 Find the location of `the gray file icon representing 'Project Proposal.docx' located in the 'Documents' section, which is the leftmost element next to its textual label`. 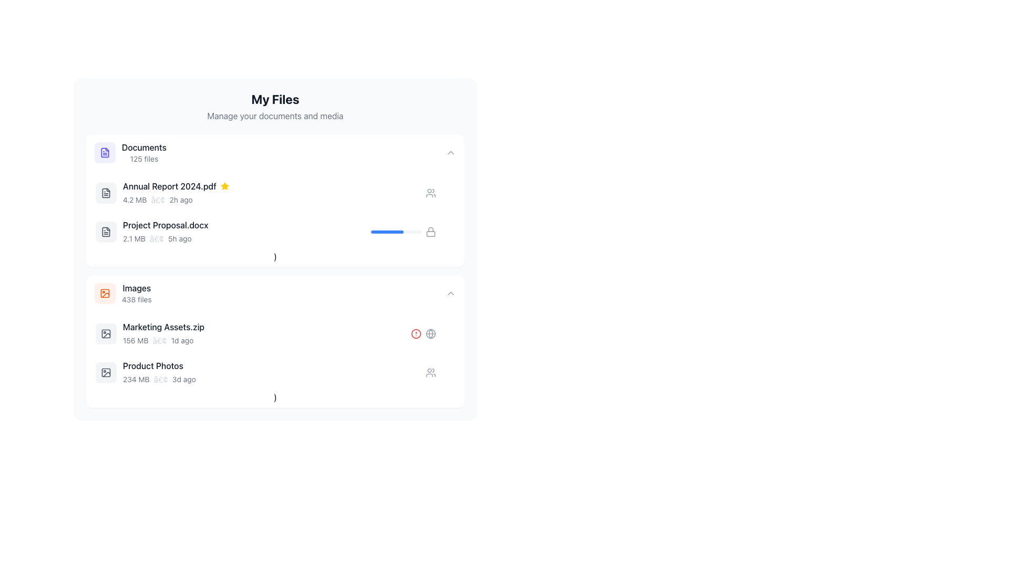

the gray file icon representing 'Project Proposal.docx' located in the 'Documents' section, which is the leftmost element next to its textual label is located at coordinates (106, 232).